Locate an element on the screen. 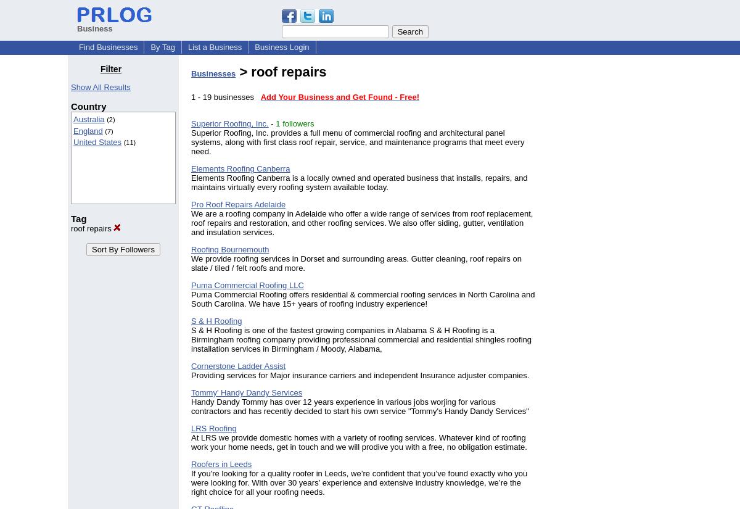  'Providing services for Major insurance carriers and independent Insurance adjuster companies.' is located at coordinates (360, 375).